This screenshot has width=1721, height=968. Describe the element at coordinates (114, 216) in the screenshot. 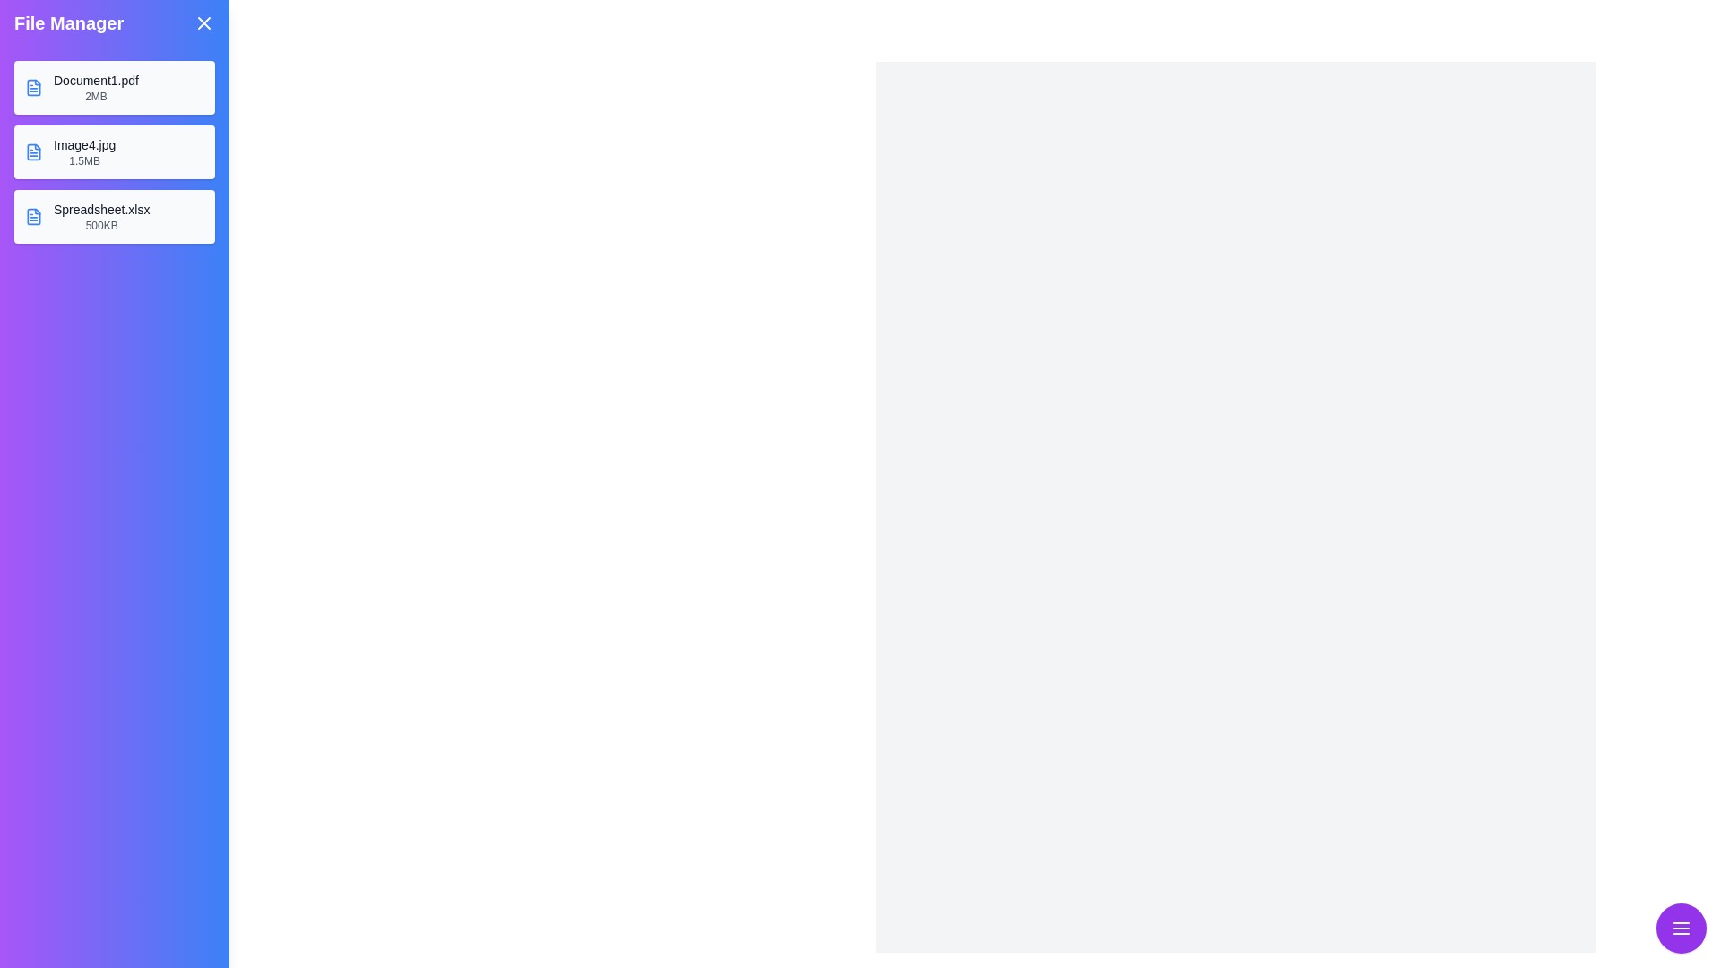

I see `the third file entry 'Spreadsheet.xlsx' in the vertical list` at that location.